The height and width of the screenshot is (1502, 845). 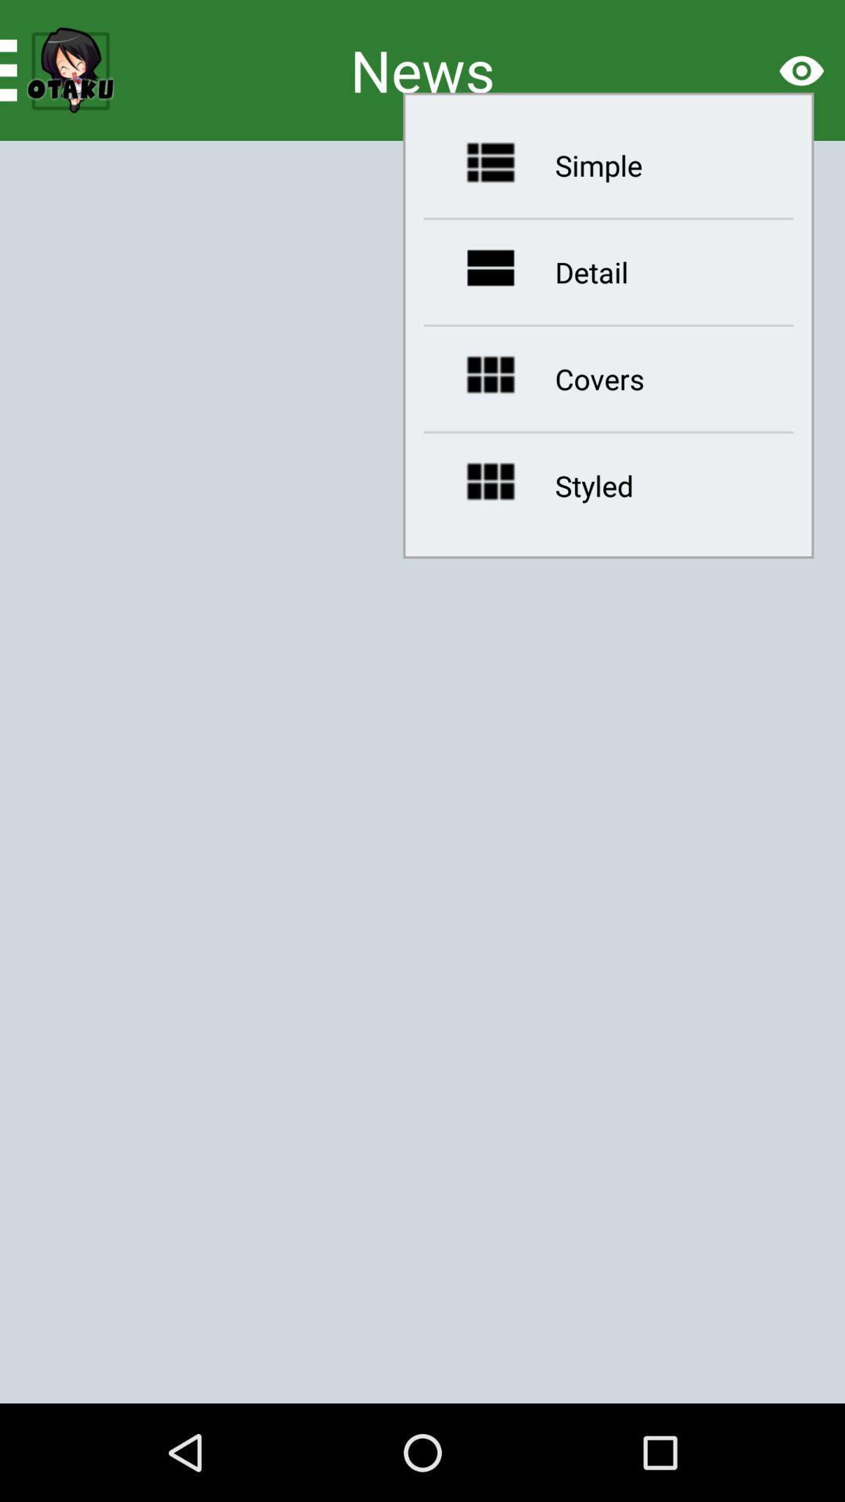 What do you see at coordinates (8, 70) in the screenshot?
I see `the menu icon` at bounding box center [8, 70].